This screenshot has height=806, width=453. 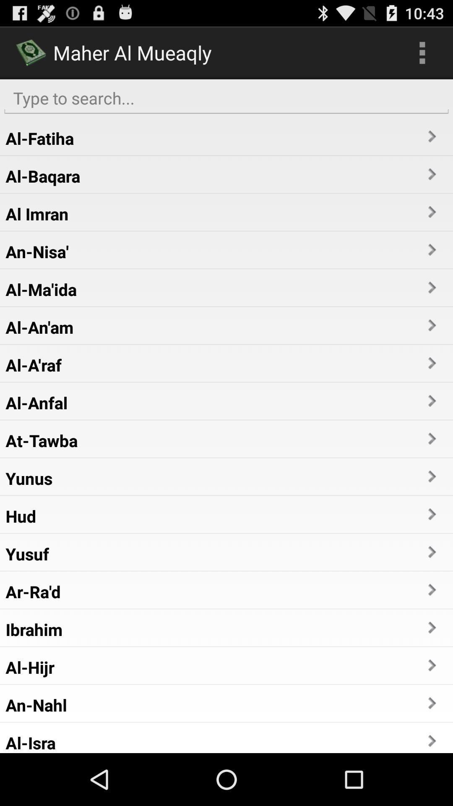 I want to click on item next to the al-fatiha, so click(x=431, y=136).